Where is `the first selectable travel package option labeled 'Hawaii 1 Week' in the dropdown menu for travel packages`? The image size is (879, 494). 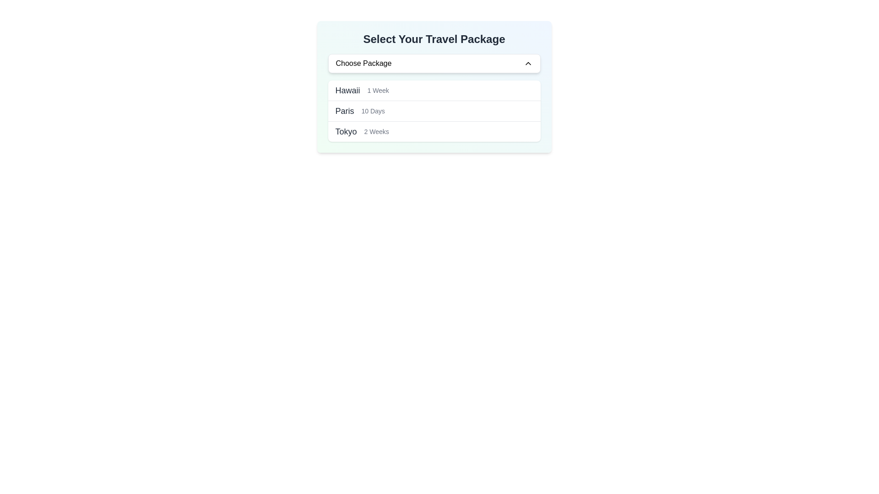 the first selectable travel package option labeled 'Hawaii 1 Week' in the dropdown menu for travel packages is located at coordinates (434, 90).